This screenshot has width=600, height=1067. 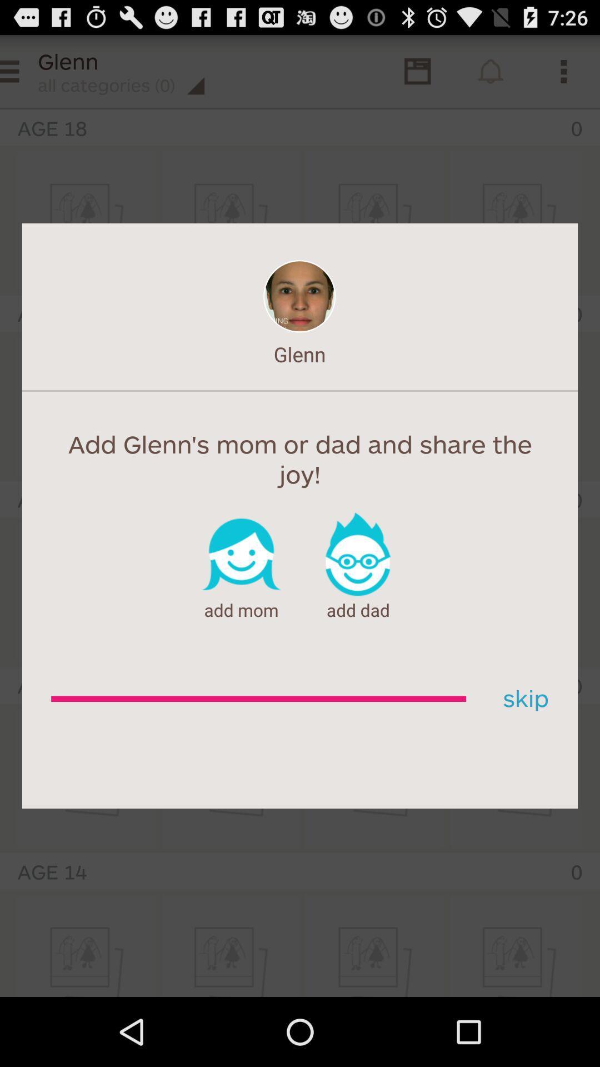 What do you see at coordinates (522, 699) in the screenshot?
I see `app below the add glenn s icon` at bounding box center [522, 699].